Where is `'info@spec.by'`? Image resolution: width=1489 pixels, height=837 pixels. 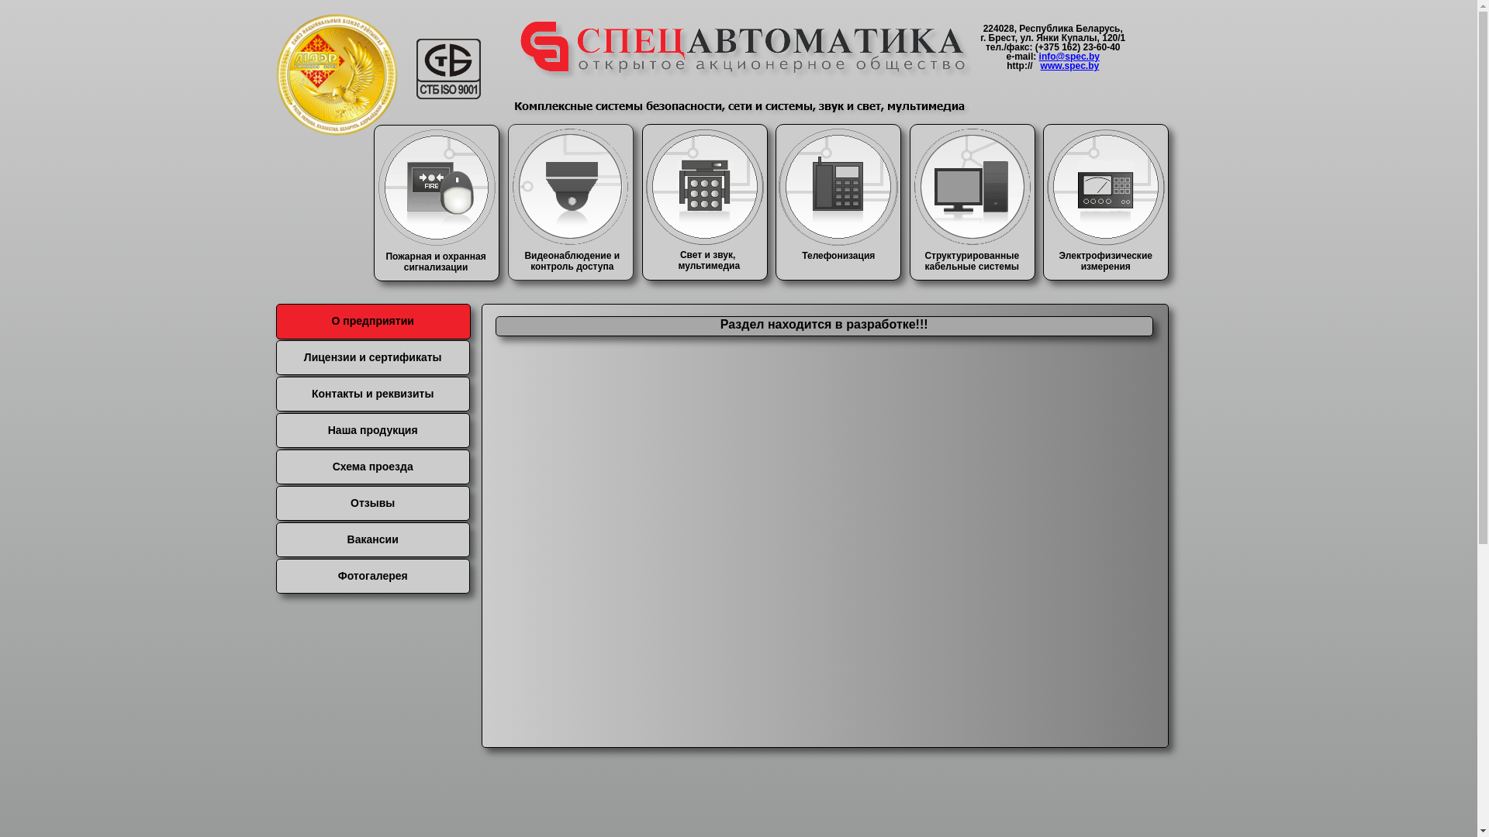
'info@spec.by' is located at coordinates (1068, 56).